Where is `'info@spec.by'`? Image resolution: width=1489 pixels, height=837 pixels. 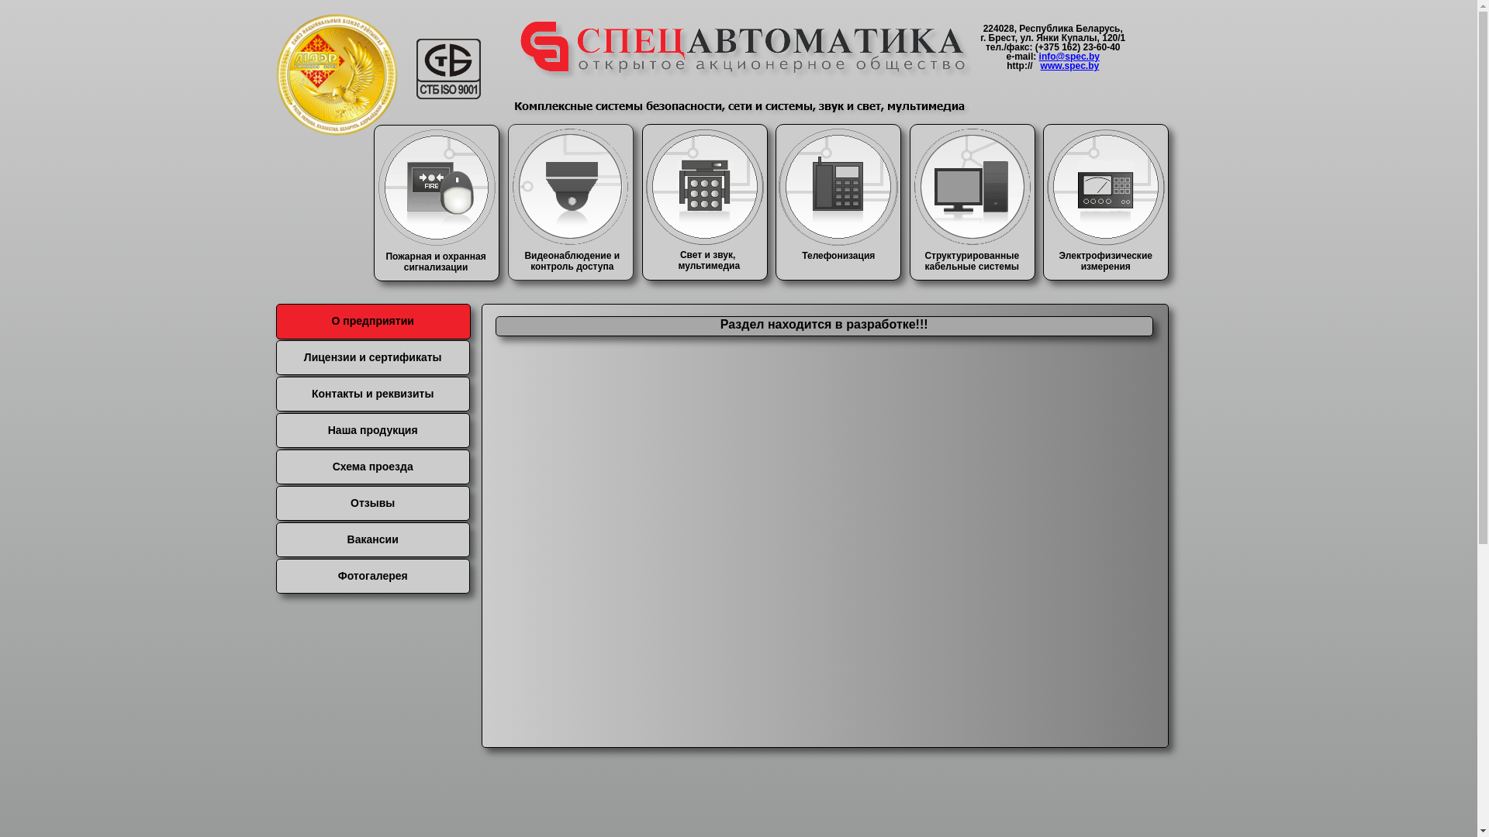
'info@spec.by' is located at coordinates (1068, 56).